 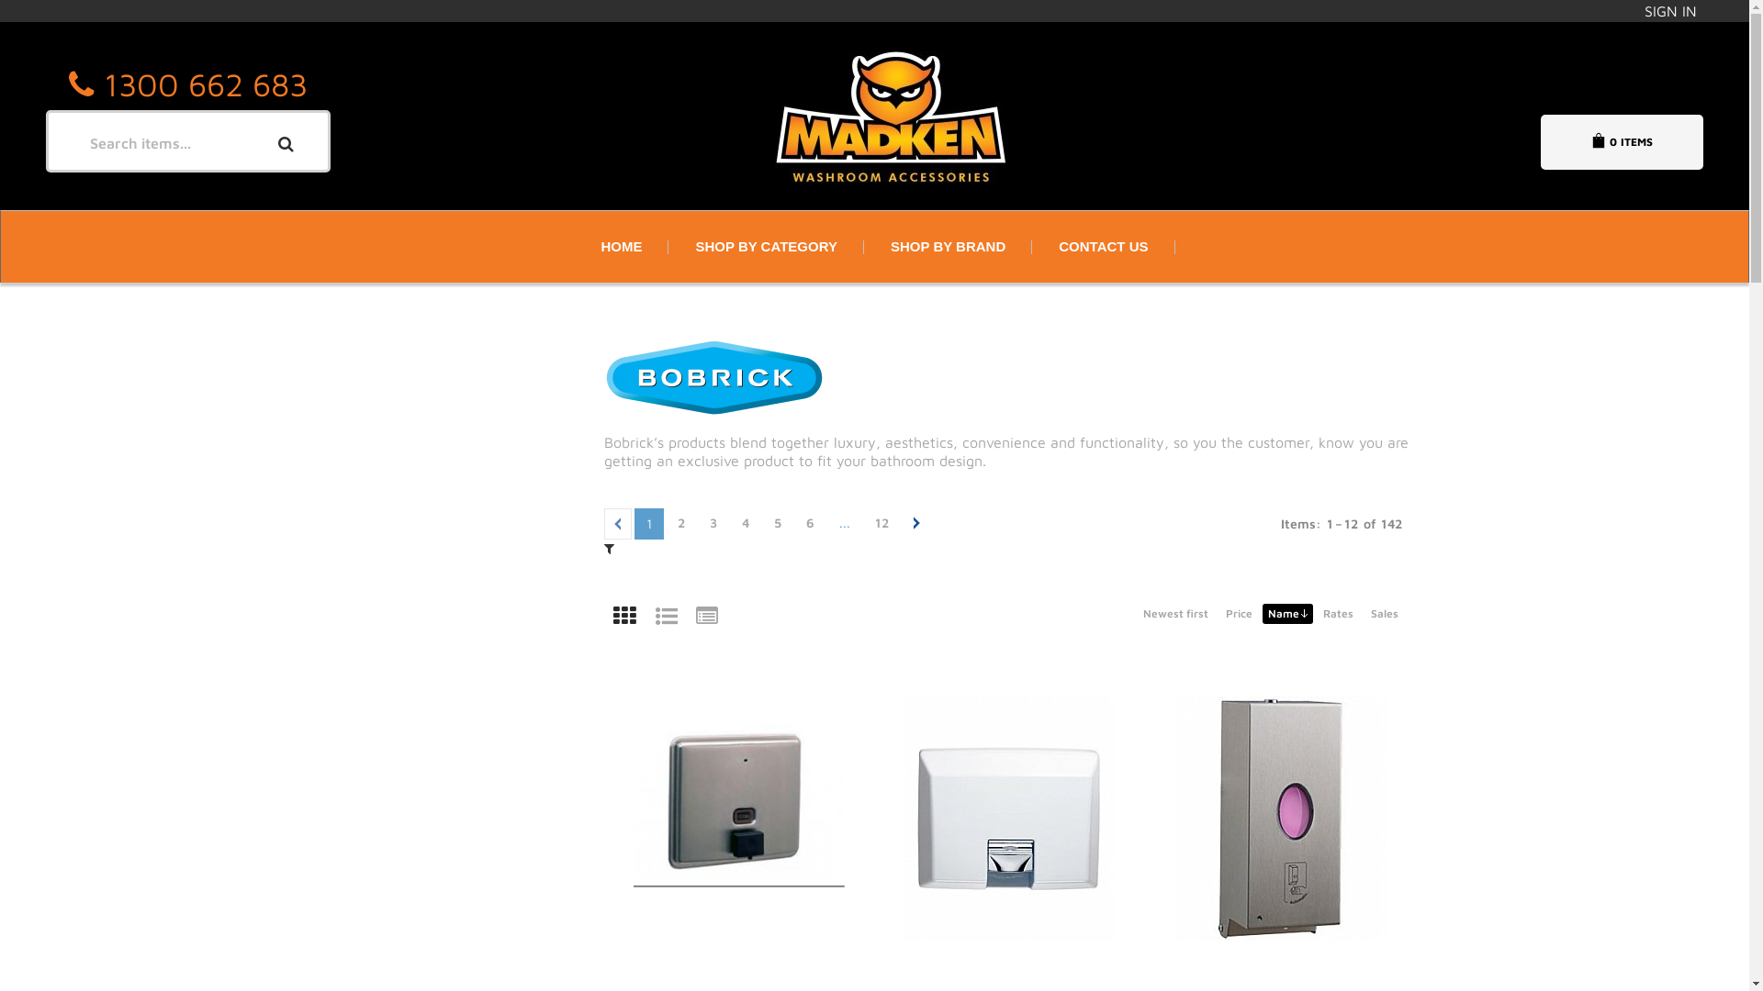 I want to click on 'Grid', so click(x=624, y=616).